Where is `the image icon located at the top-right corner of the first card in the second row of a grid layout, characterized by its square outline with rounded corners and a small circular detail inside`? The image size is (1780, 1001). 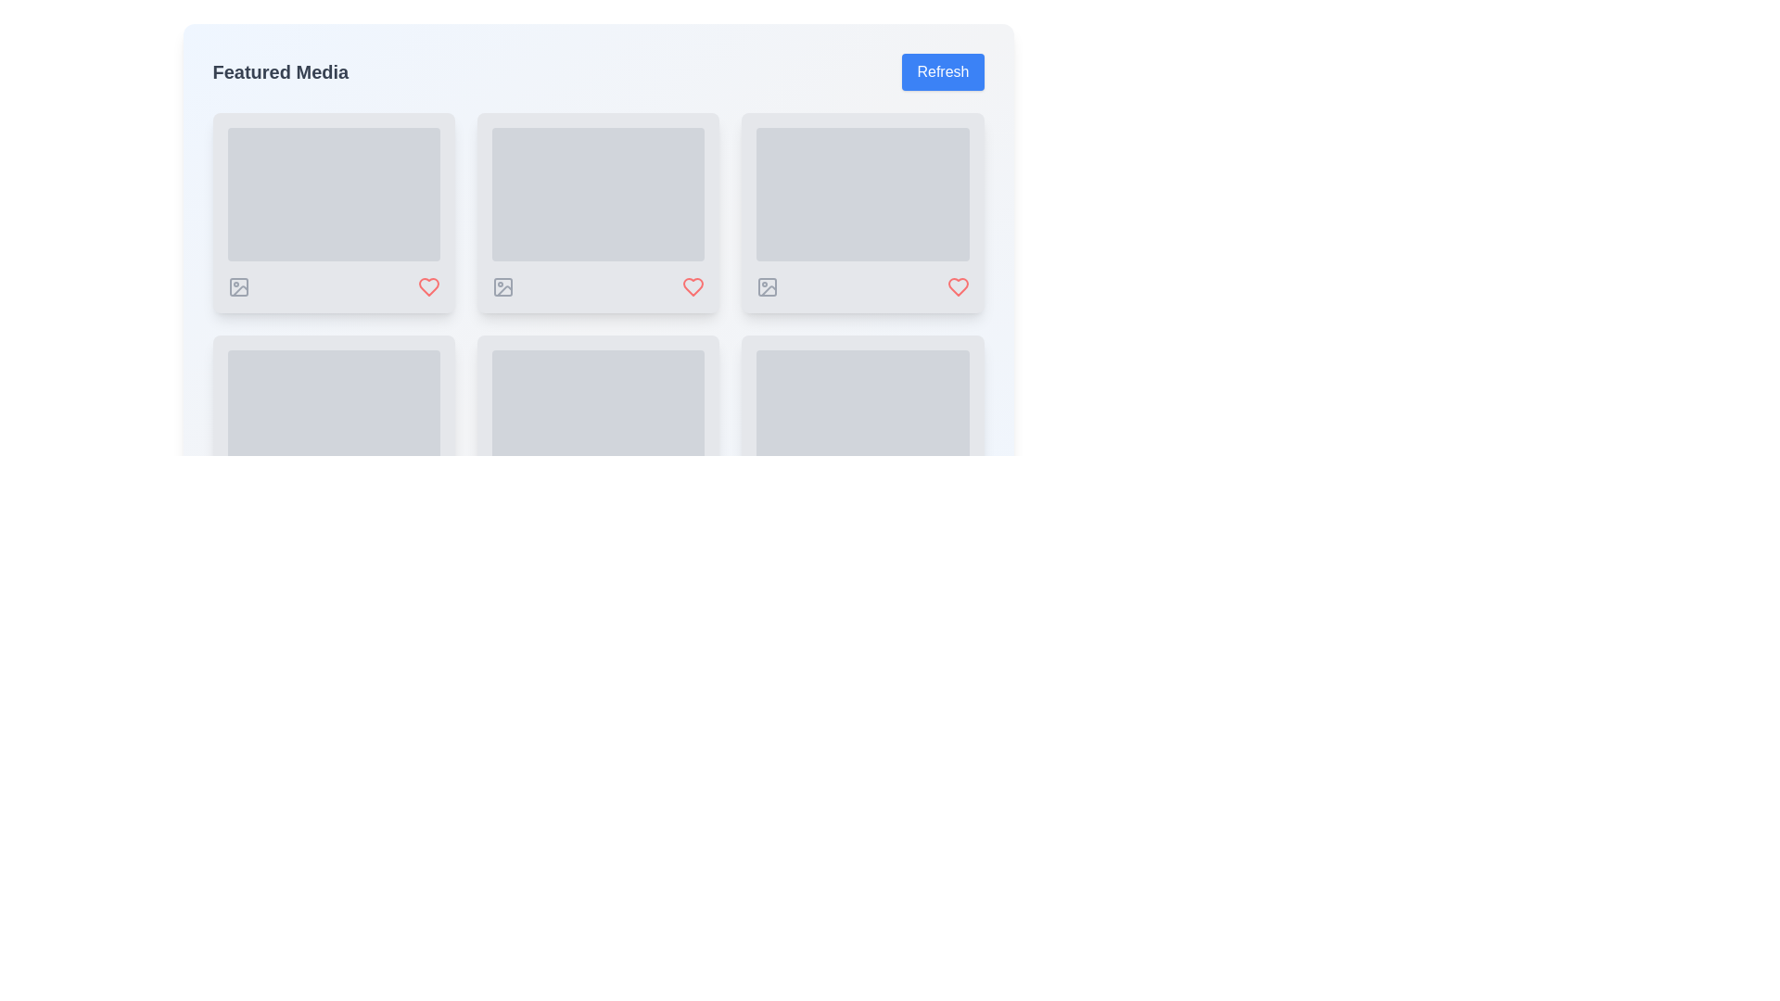
the image icon located at the top-right corner of the first card in the second row of a grid layout, characterized by its square outline with rounded corners and a small circular detail inside is located at coordinates (502, 286).